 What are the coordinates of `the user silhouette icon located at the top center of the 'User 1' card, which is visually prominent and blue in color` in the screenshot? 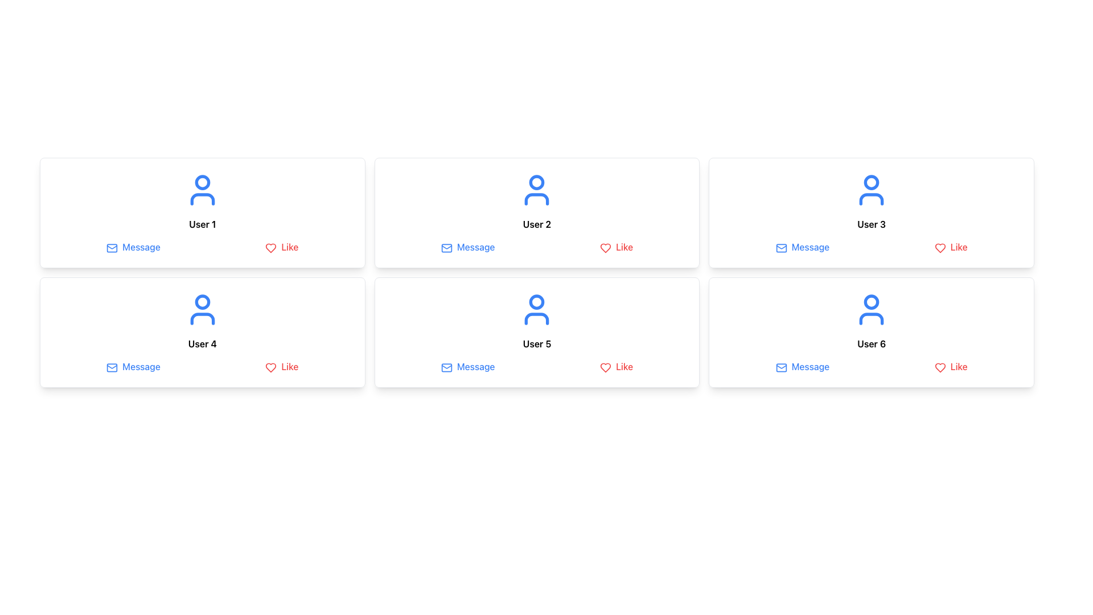 It's located at (202, 190).